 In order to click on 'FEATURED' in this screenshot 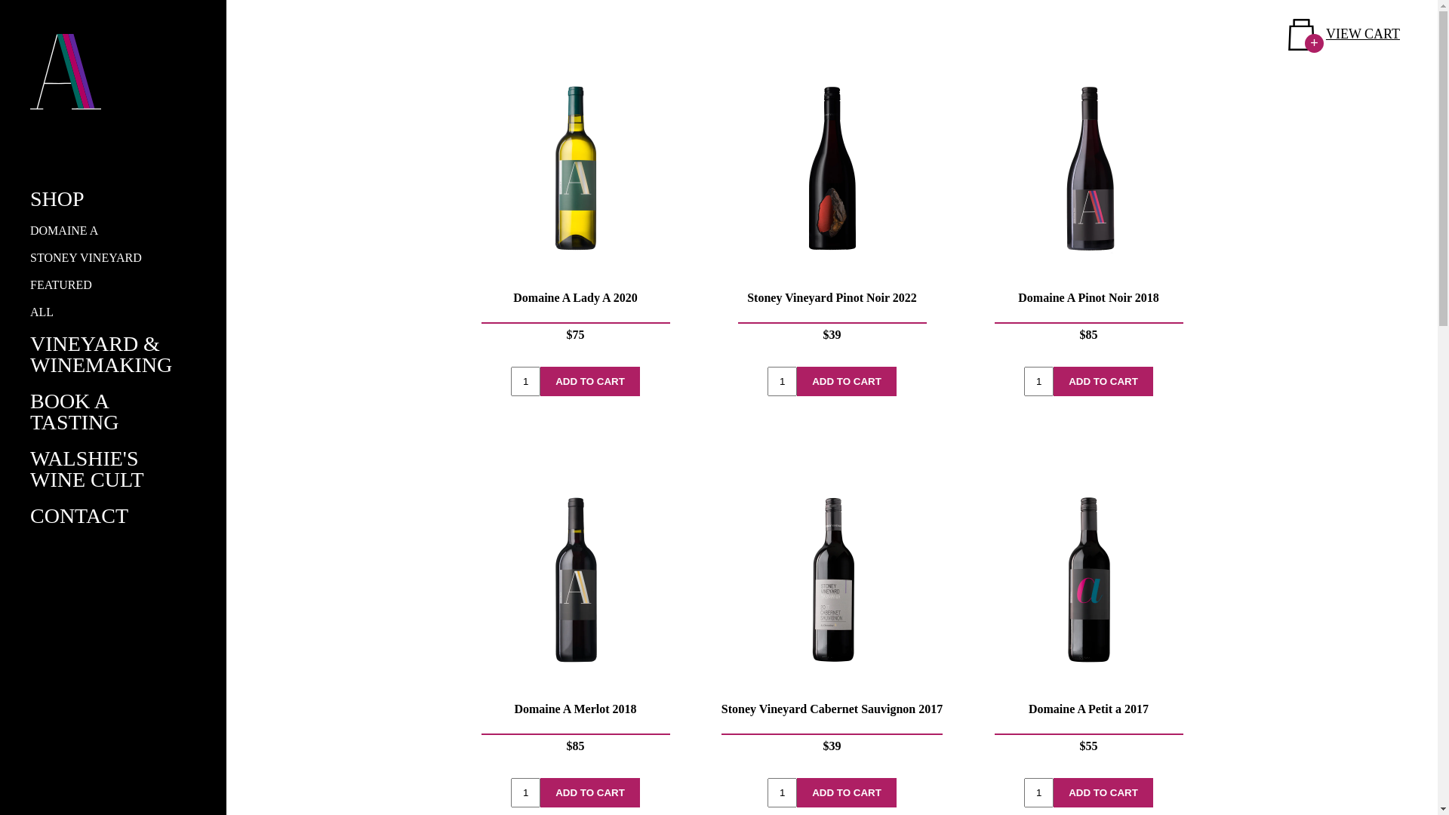, I will do `click(60, 284)`.